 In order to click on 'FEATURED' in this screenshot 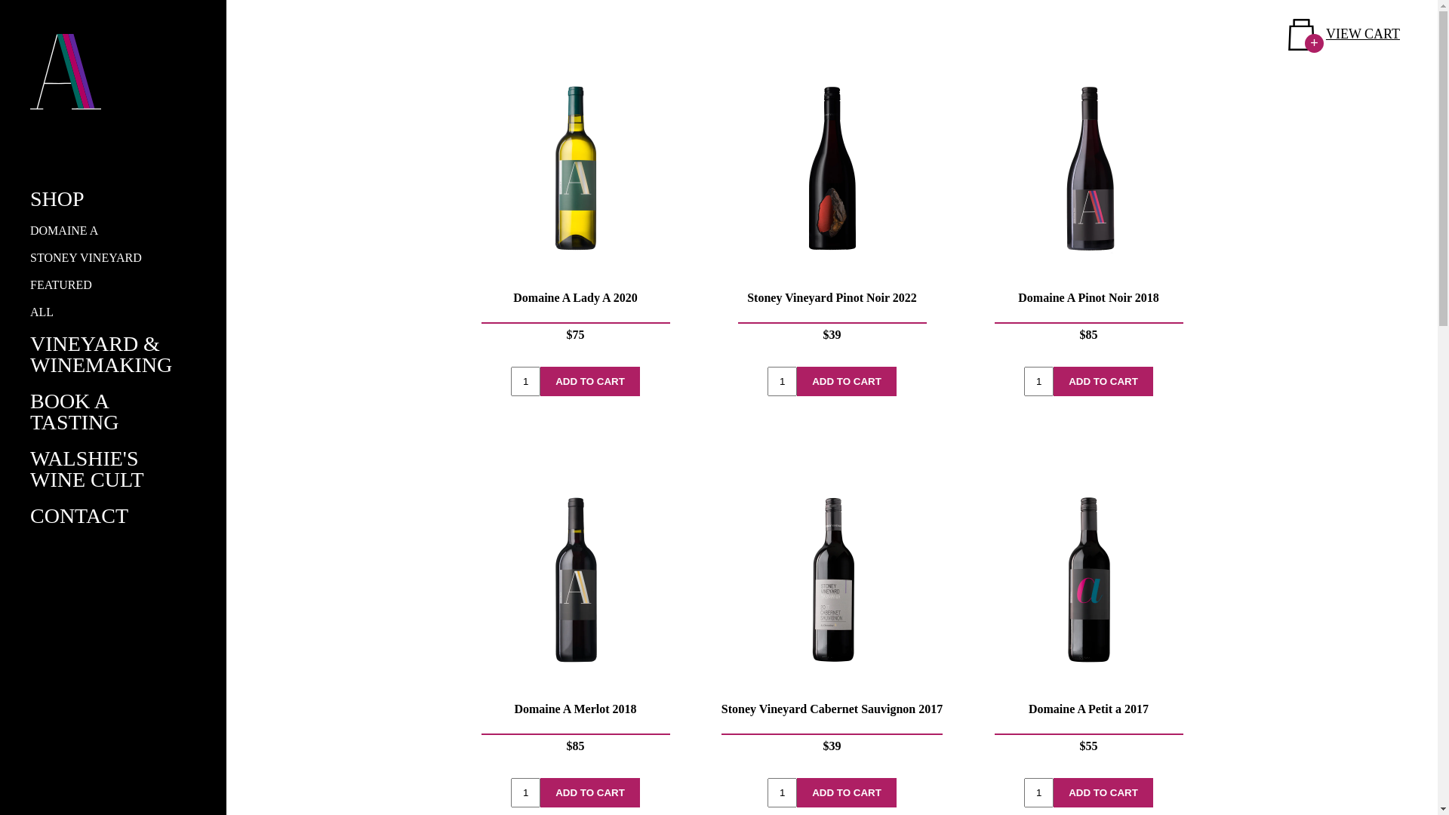, I will do `click(60, 284)`.